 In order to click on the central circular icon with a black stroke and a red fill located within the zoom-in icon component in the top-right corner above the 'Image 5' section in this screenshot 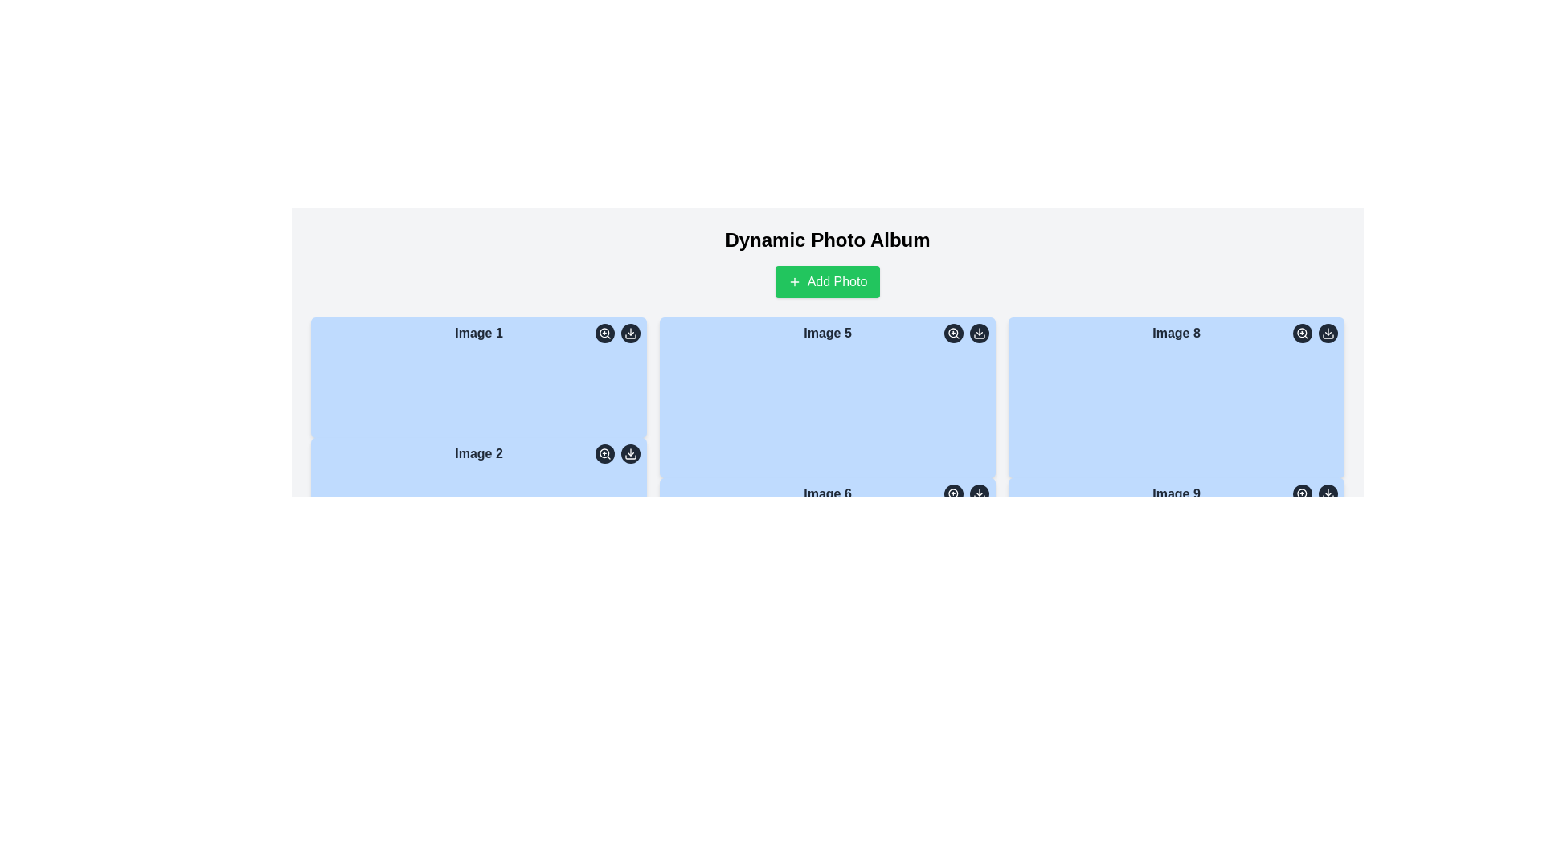, I will do `click(953, 332)`.